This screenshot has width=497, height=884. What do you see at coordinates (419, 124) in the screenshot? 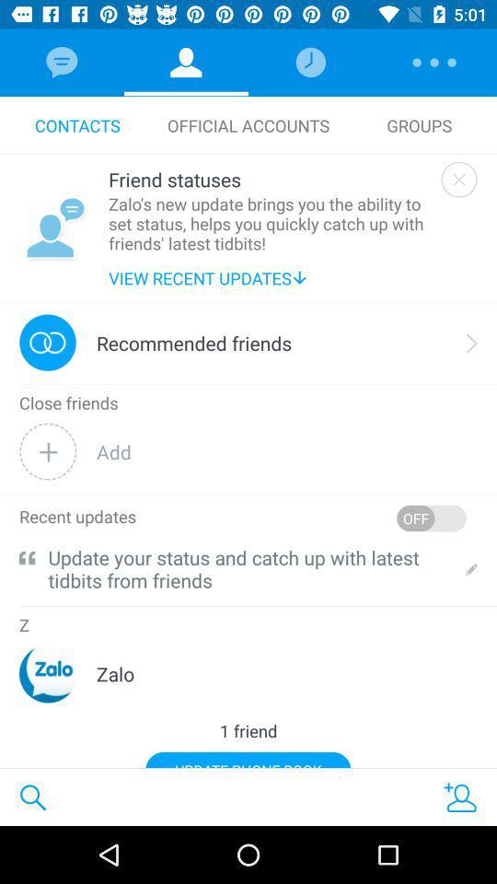
I see `item to the right of the official accounts` at bounding box center [419, 124].